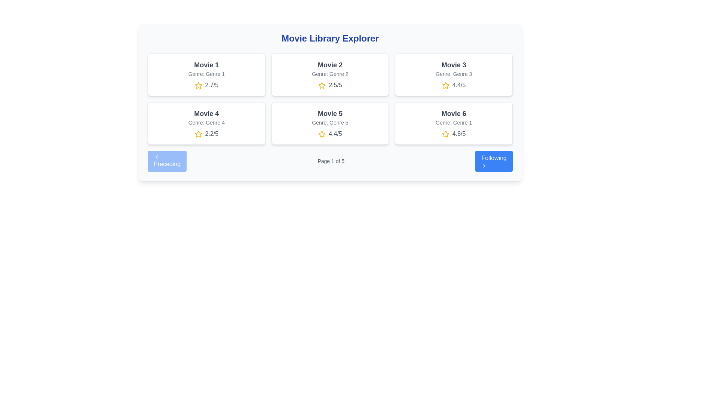  What do you see at coordinates (335, 85) in the screenshot?
I see `static text displaying the rating for the item 'Movie 2', which is located to the right of a yellow star icon in the bottom section of the card` at bounding box center [335, 85].